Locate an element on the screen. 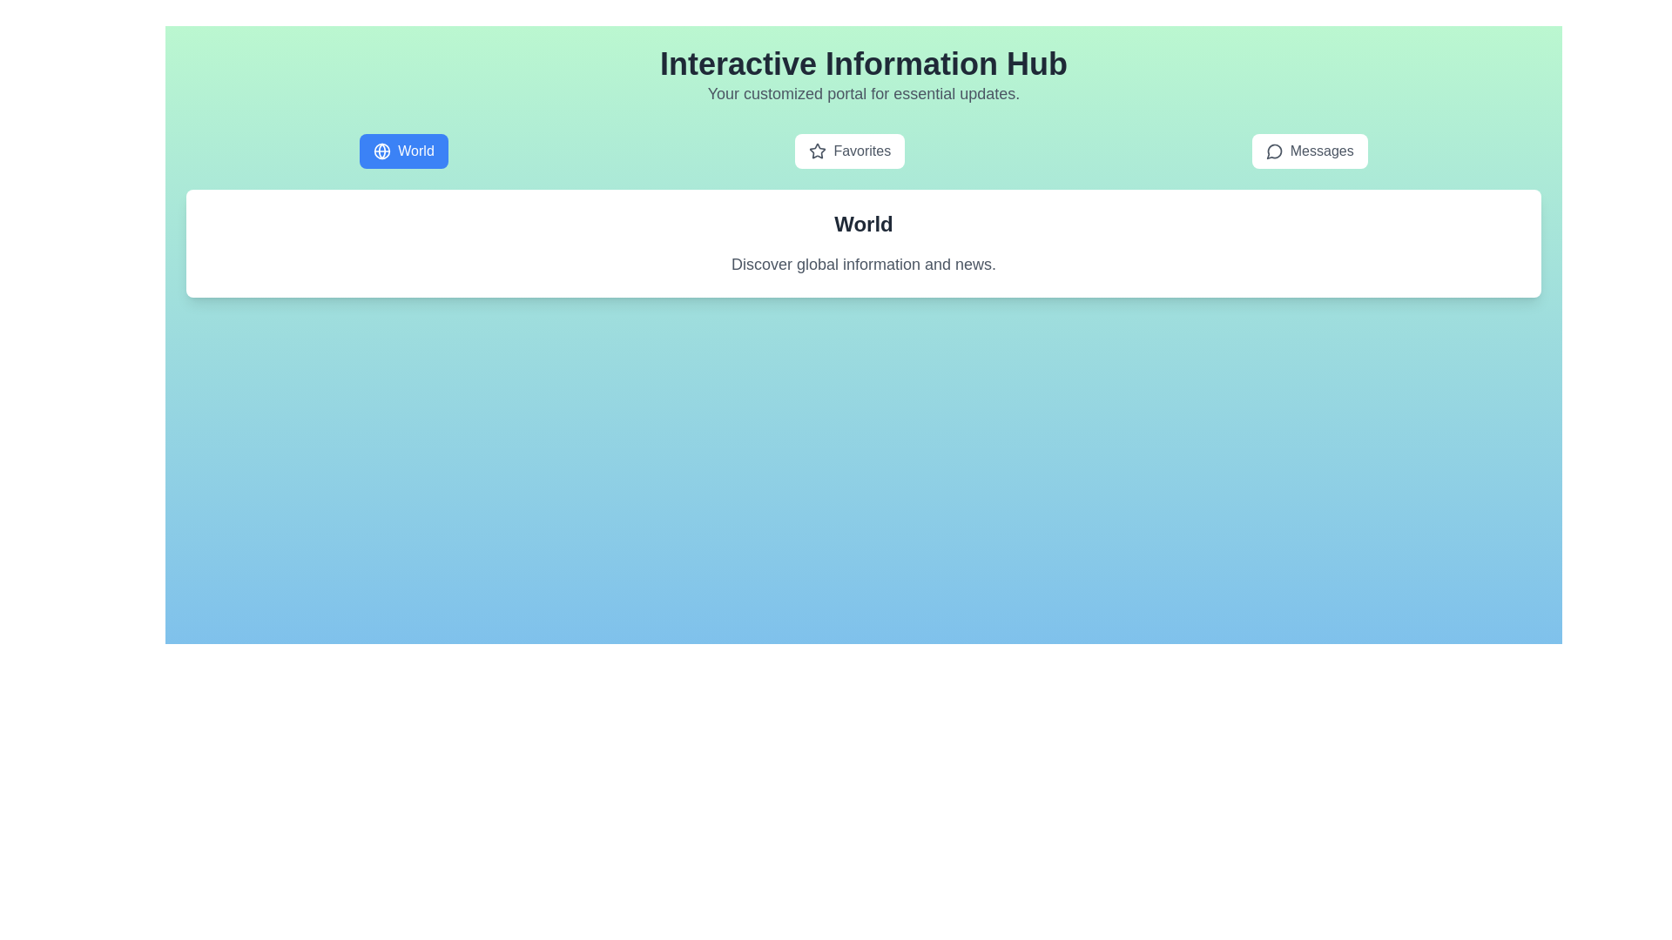 This screenshot has height=940, width=1672. the tab labeled Messages to observe the hover effect is located at coordinates (1310, 150).